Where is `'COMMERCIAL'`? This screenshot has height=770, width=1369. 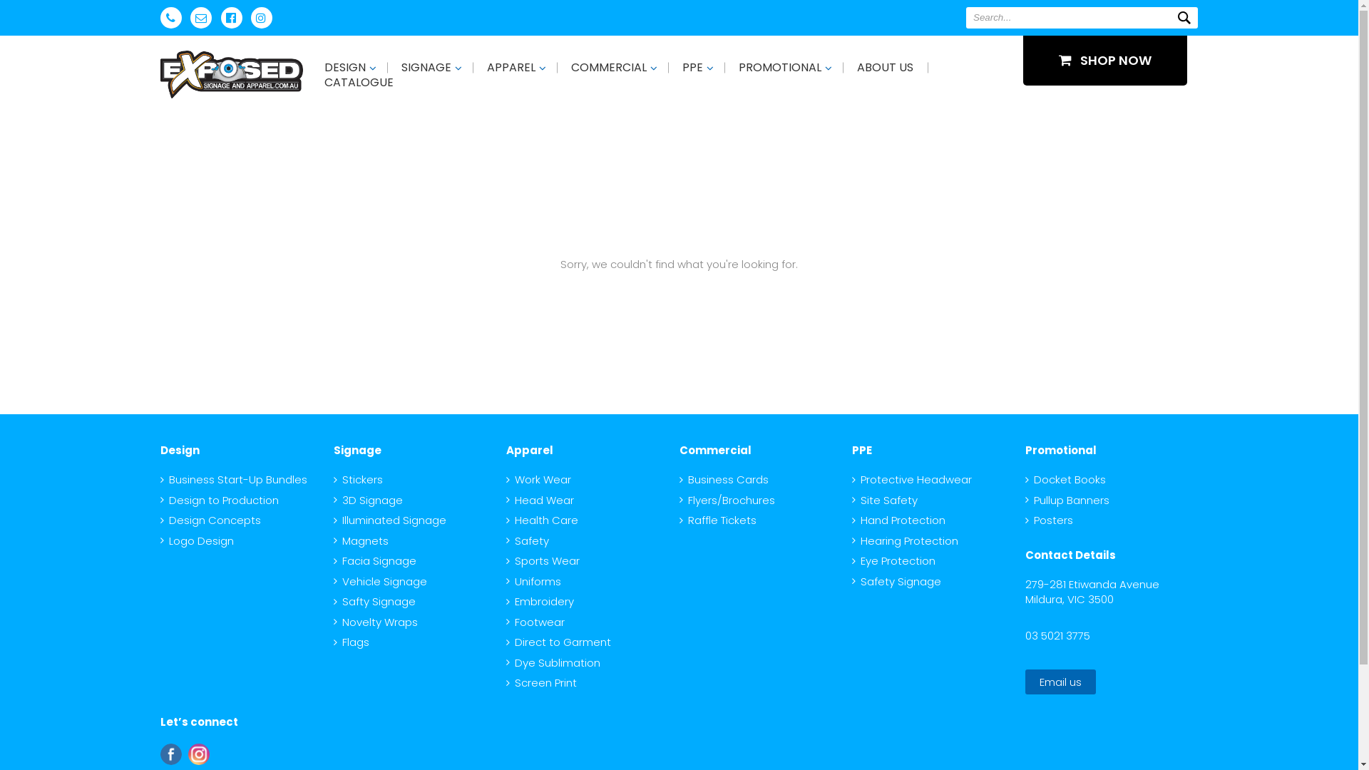
'COMMERCIAL' is located at coordinates (609, 67).